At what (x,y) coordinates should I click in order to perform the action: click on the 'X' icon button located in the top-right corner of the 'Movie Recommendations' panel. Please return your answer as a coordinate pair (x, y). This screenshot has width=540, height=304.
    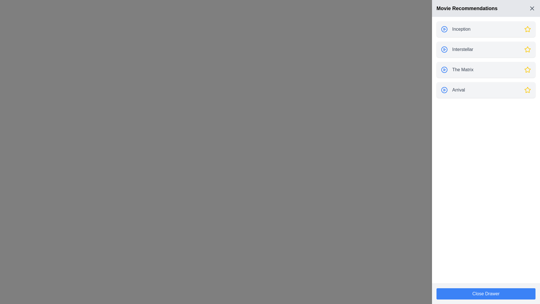
    Looking at the image, I should click on (532, 8).